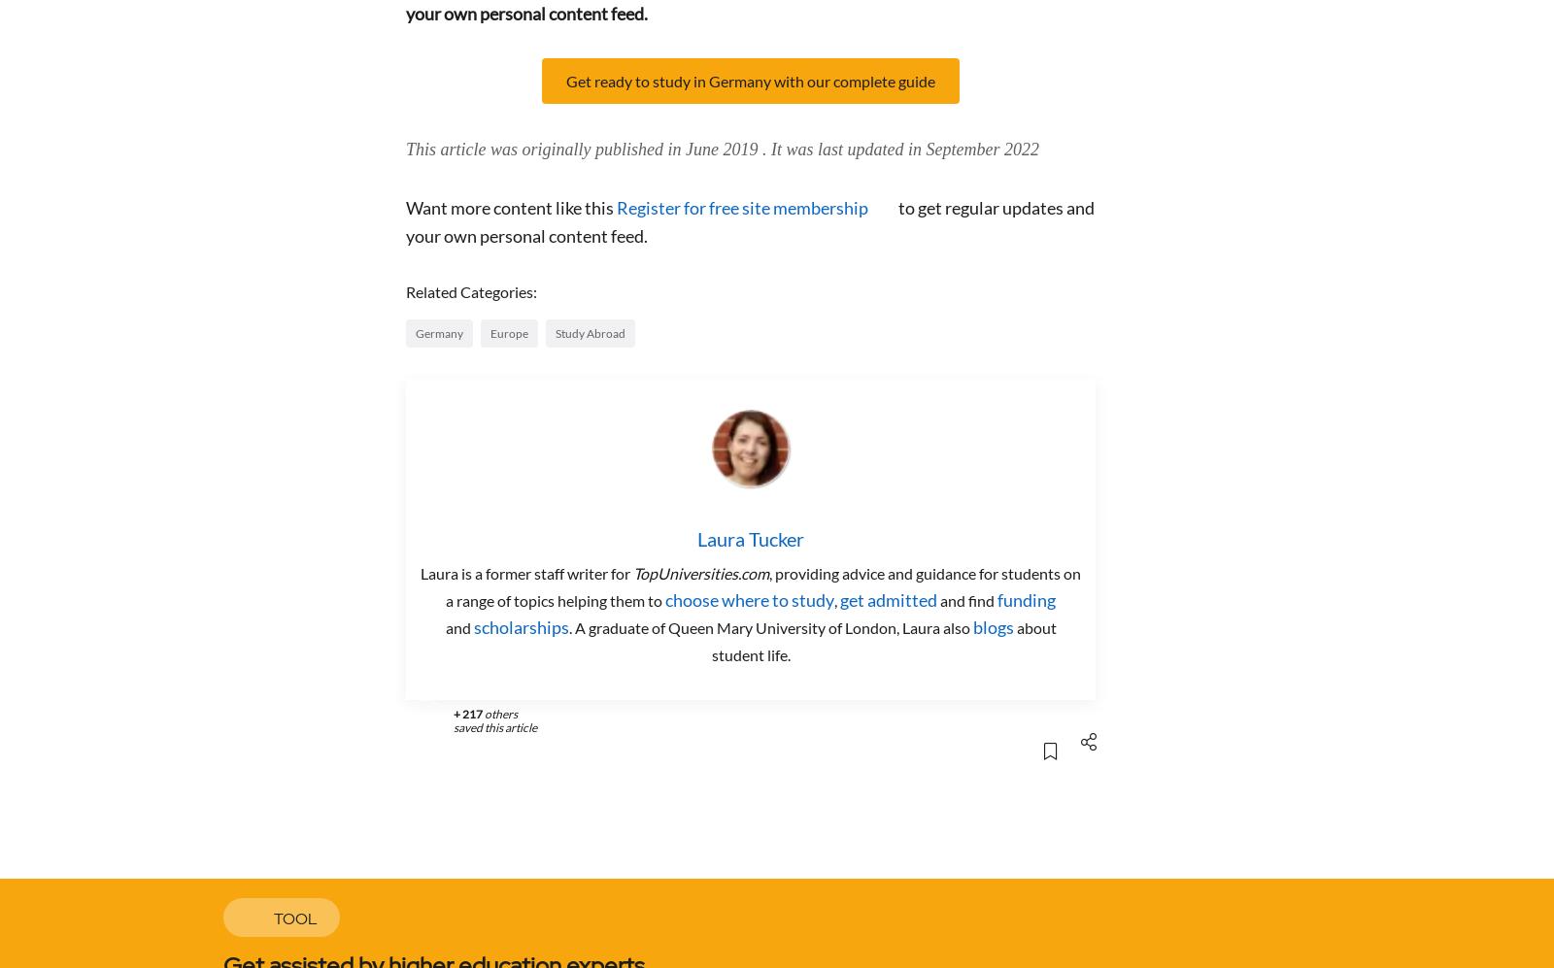 The image size is (1554, 968). I want to click on 'Want more content like this', so click(510, 207).